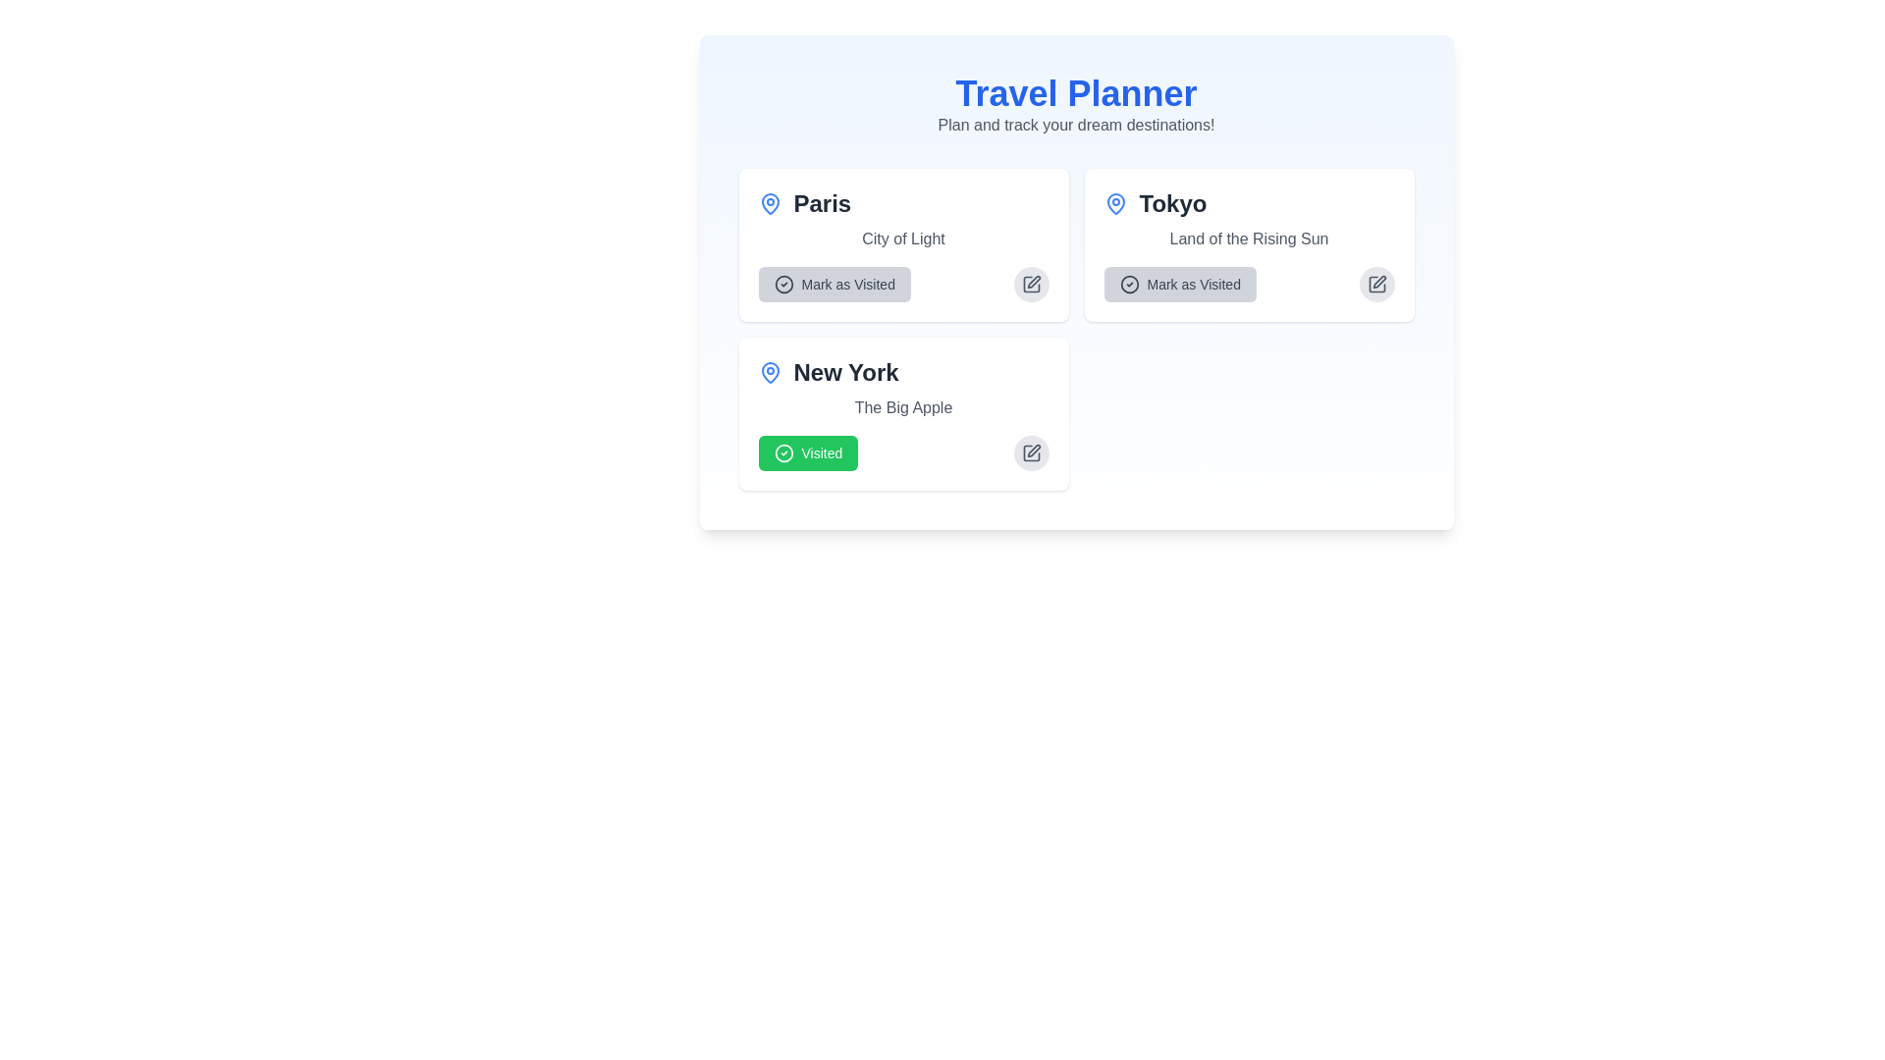 The height and width of the screenshot is (1060, 1885). What do you see at coordinates (902, 284) in the screenshot?
I see `the 'Mark as Visited' button located at the bottom-left corner of the 'Paris' card layout to trigger visual feedback` at bounding box center [902, 284].